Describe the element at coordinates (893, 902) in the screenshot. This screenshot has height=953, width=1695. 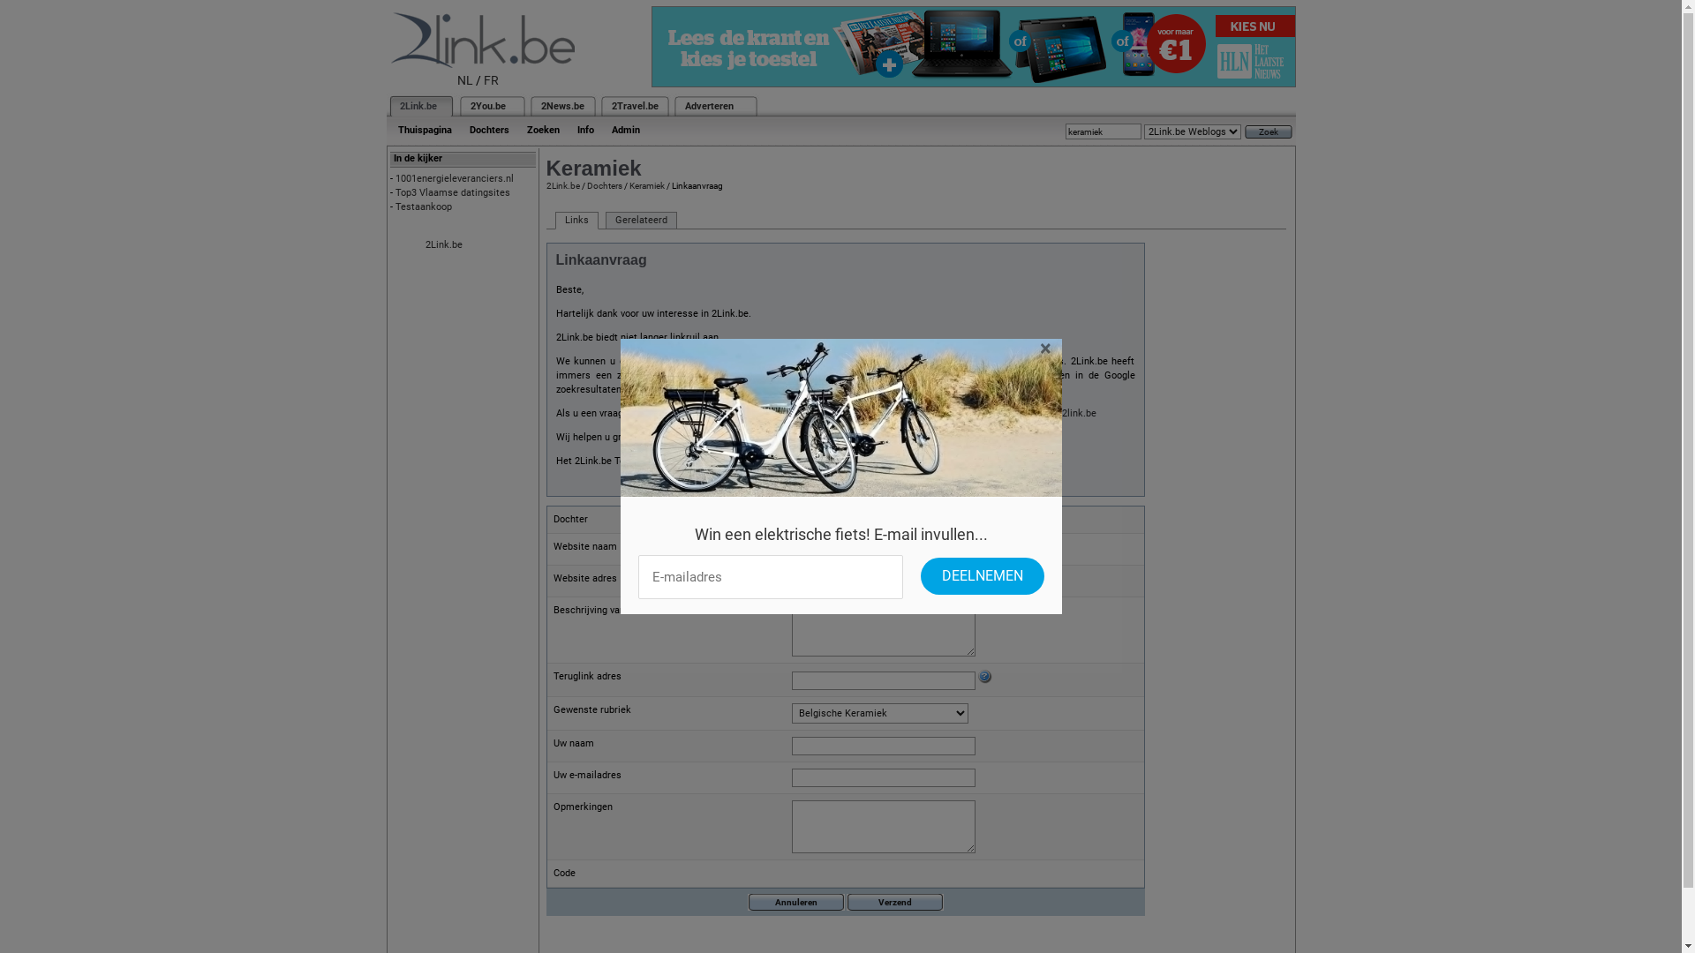
I see `'Verzend'` at that location.